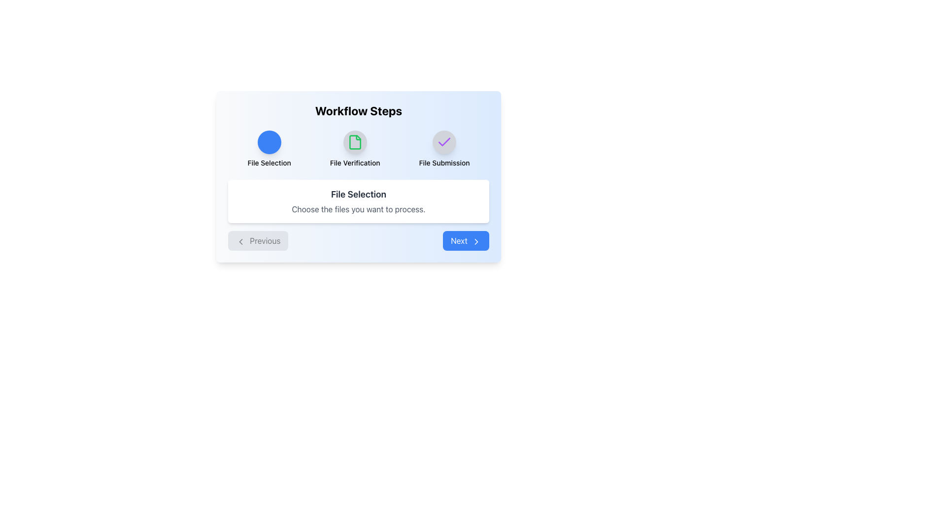  Describe the element at coordinates (355, 142) in the screenshot. I see `the circular icon button with a light gray background and a green file icon located above the 'File Verification' label` at that location.